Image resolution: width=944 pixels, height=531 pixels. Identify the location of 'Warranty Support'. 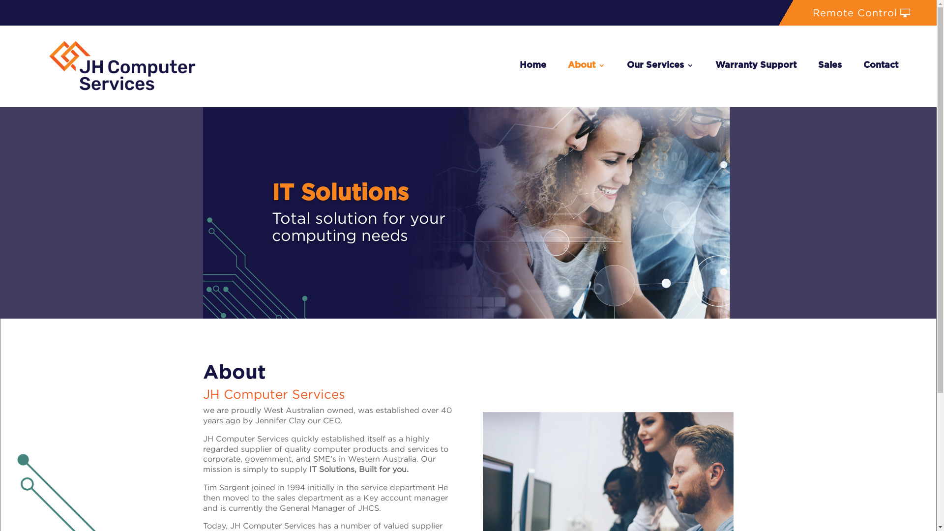
(755, 65).